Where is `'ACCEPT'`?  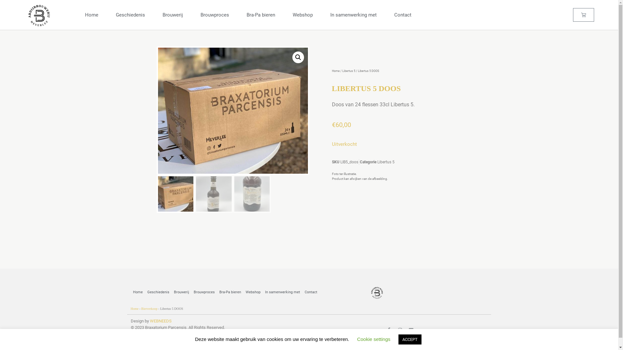 'ACCEPT' is located at coordinates (409, 339).